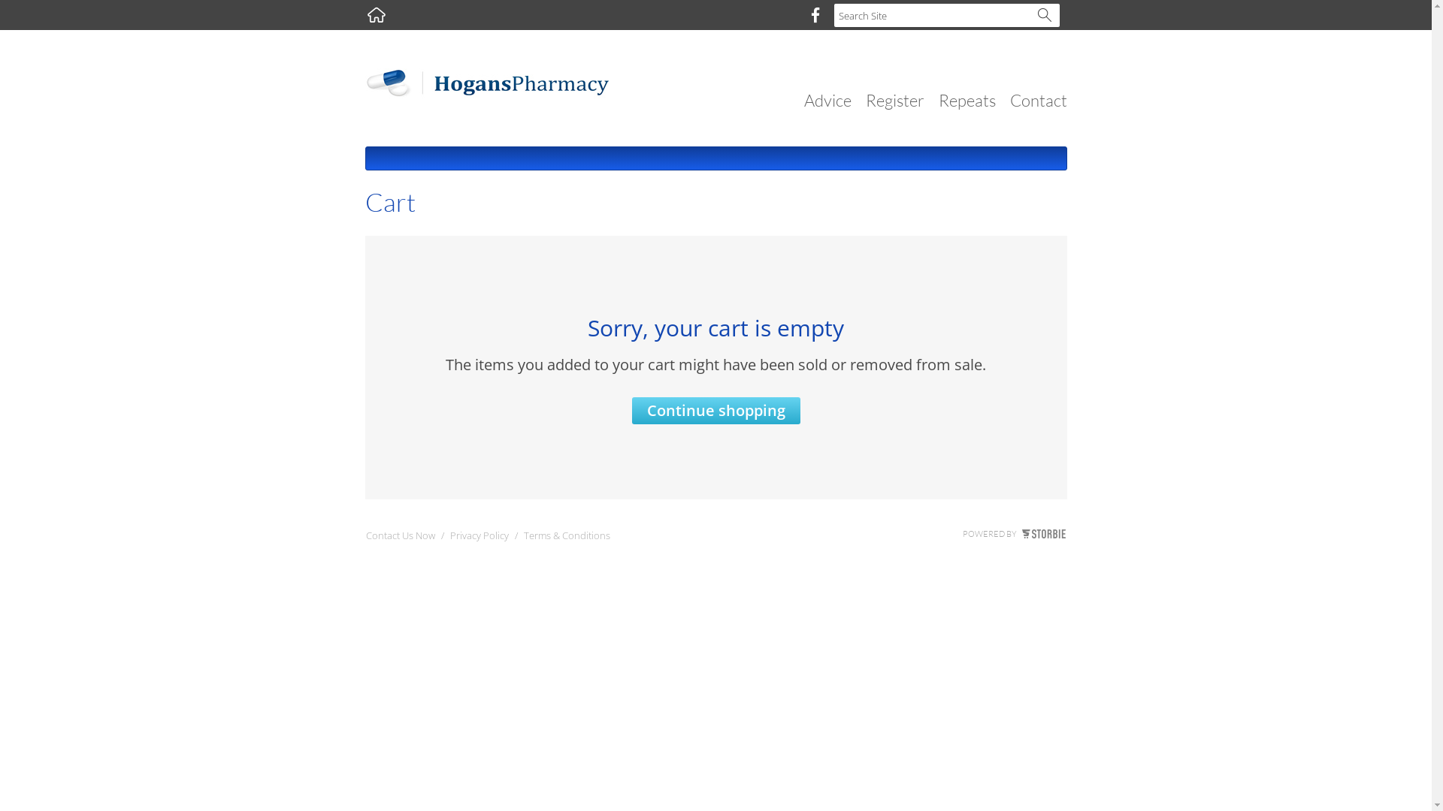 The image size is (1443, 811). Describe the element at coordinates (714, 411) in the screenshot. I see `'Continue shopping'` at that location.